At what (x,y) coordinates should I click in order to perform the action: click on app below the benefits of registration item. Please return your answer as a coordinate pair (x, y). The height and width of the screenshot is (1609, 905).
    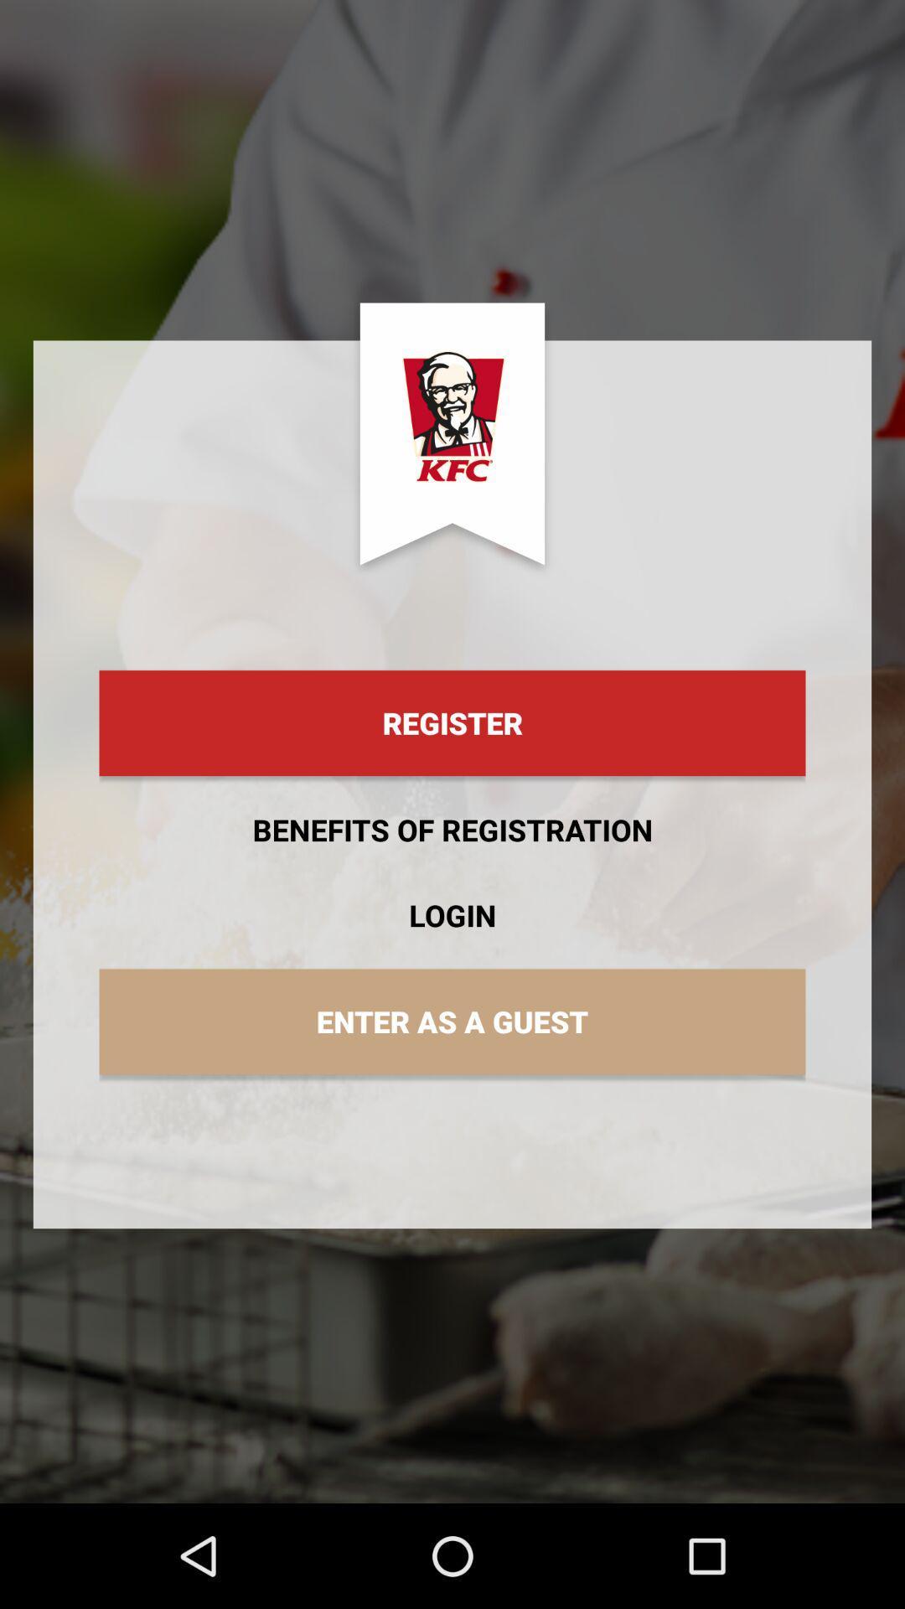
    Looking at the image, I should click on (452, 914).